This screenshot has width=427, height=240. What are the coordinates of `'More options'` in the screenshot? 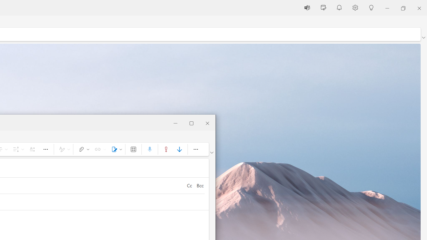 It's located at (195, 149).